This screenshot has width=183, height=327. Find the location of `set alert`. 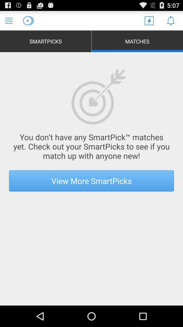

set alert is located at coordinates (170, 20).